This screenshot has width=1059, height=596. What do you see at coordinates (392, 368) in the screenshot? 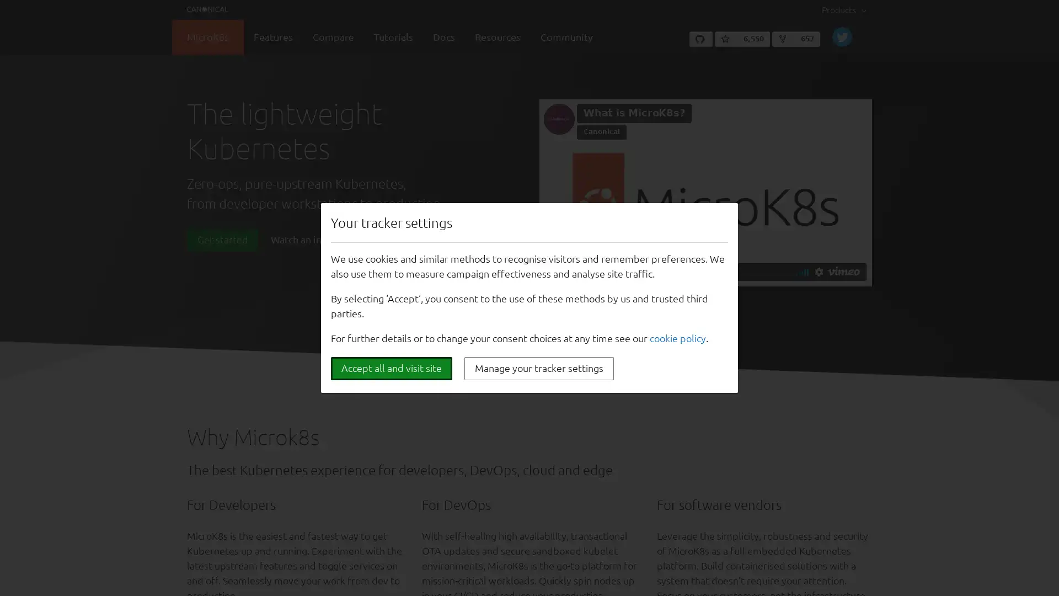
I see `Accept all and visit site` at bounding box center [392, 368].